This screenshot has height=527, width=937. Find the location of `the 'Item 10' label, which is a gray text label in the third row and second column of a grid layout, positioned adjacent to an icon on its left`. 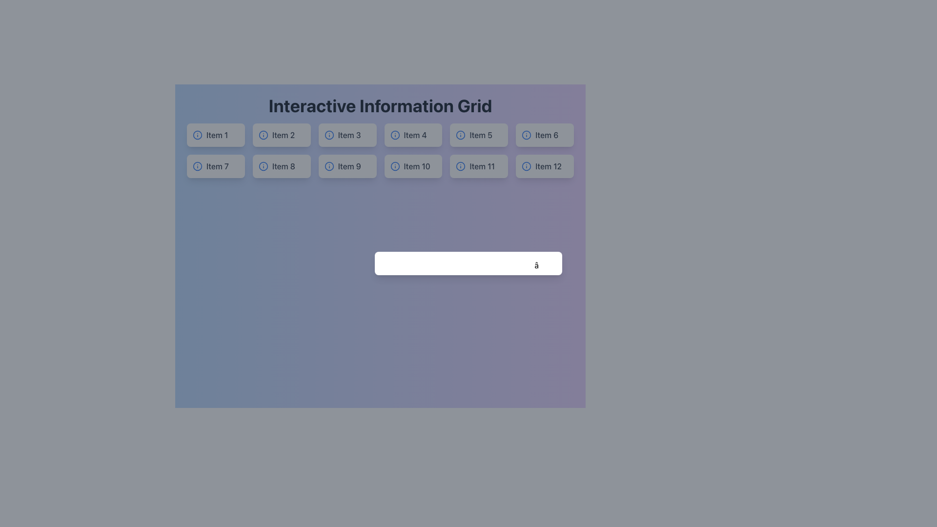

the 'Item 10' label, which is a gray text label in the third row and second column of a grid layout, positioned adjacent to an icon on its left is located at coordinates (417, 165).